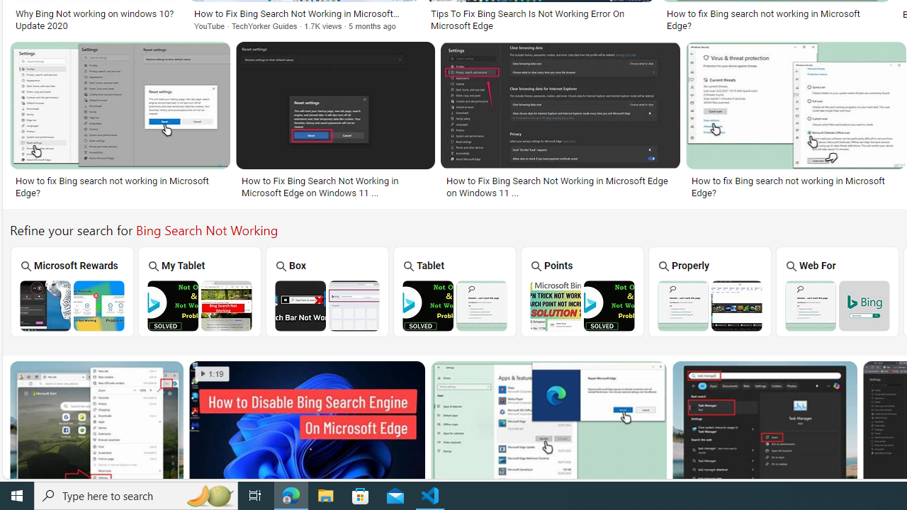 The height and width of the screenshot is (510, 907). Describe the element at coordinates (710, 305) in the screenshot. I see `'Bing Search Not Working Properly'` at that location.